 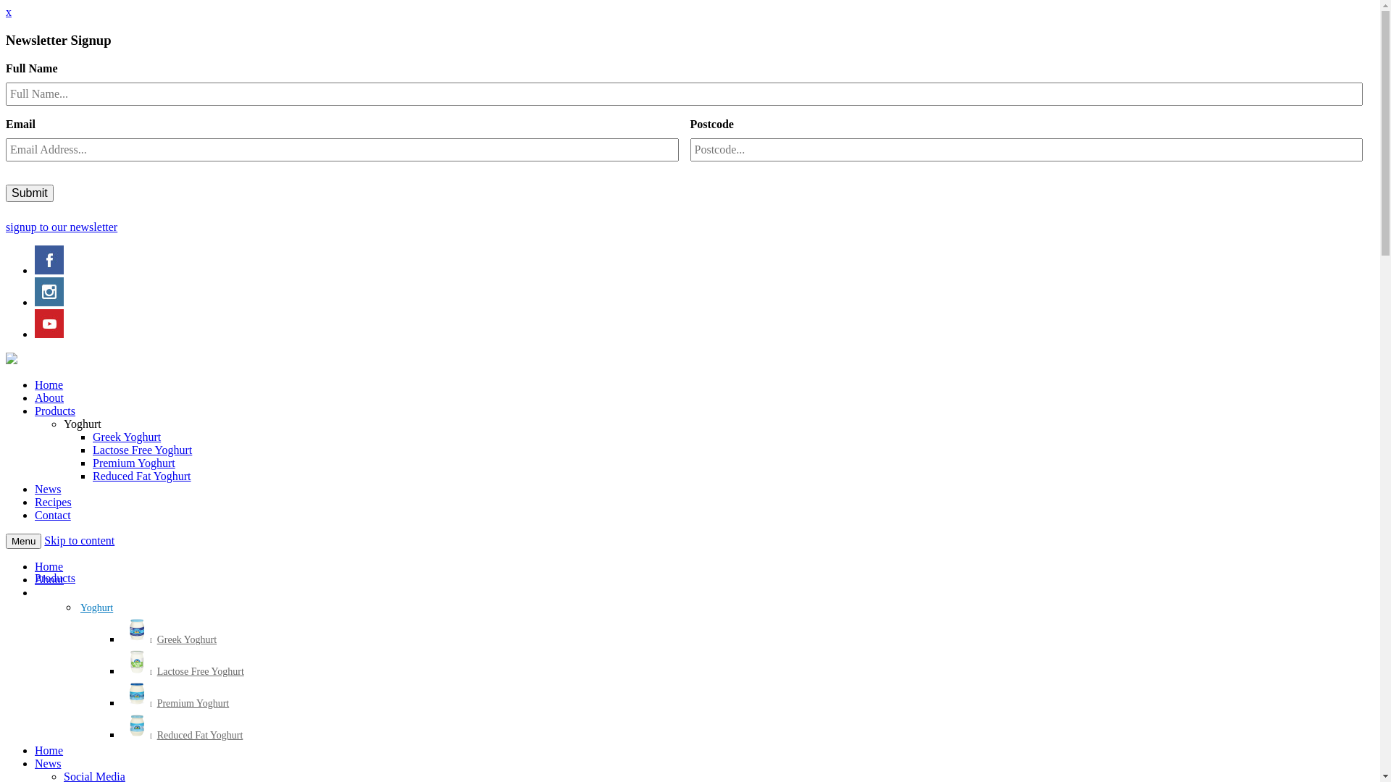 I want to click on 'Reduced Fat Yoghurt', so click(x=92, y=476).